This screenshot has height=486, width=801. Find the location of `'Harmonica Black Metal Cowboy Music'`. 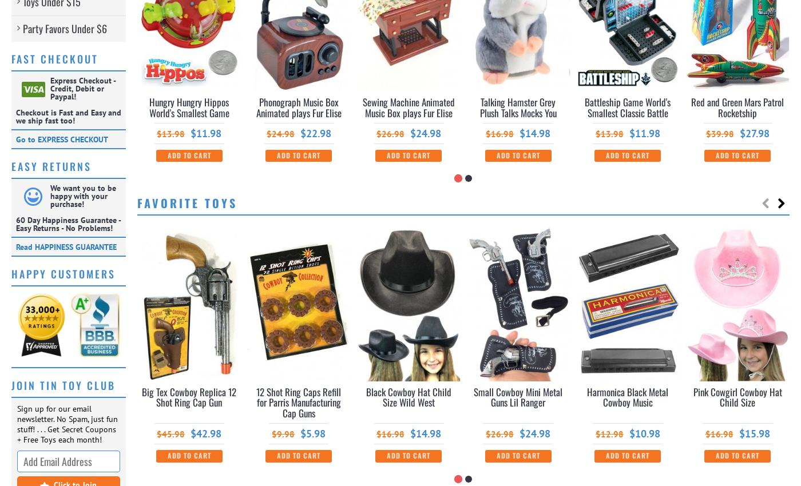

'Harmonica Black Metal Cowboy Music' is located at coordinates (628, 396).